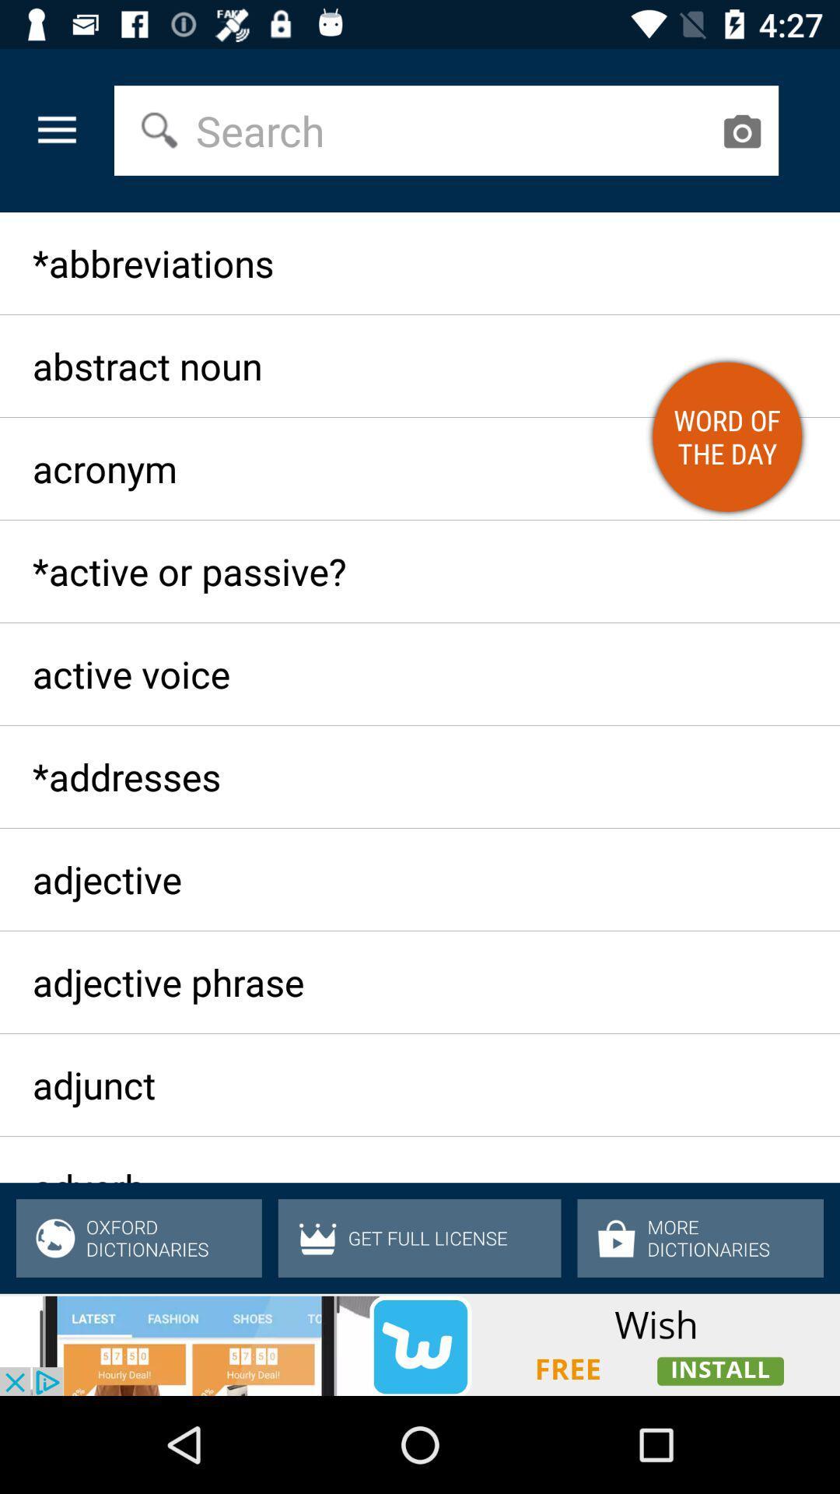 The width and height of the screenshot is (840, 1494). I want to click on advertisement, so click(420, 1344).